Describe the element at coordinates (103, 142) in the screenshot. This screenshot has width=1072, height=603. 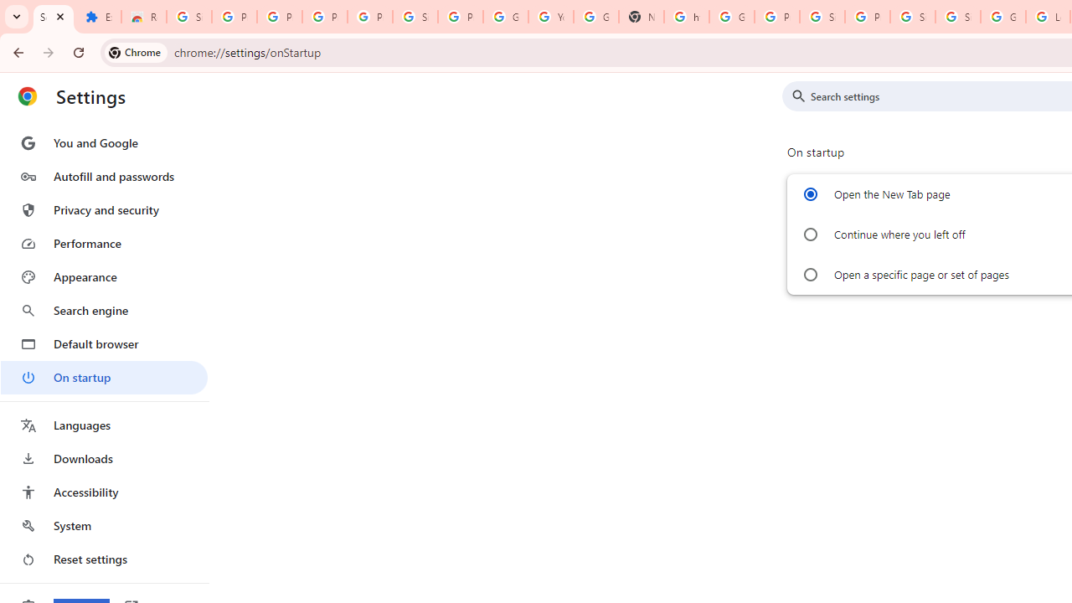
I see `'You and Google'` at that location.